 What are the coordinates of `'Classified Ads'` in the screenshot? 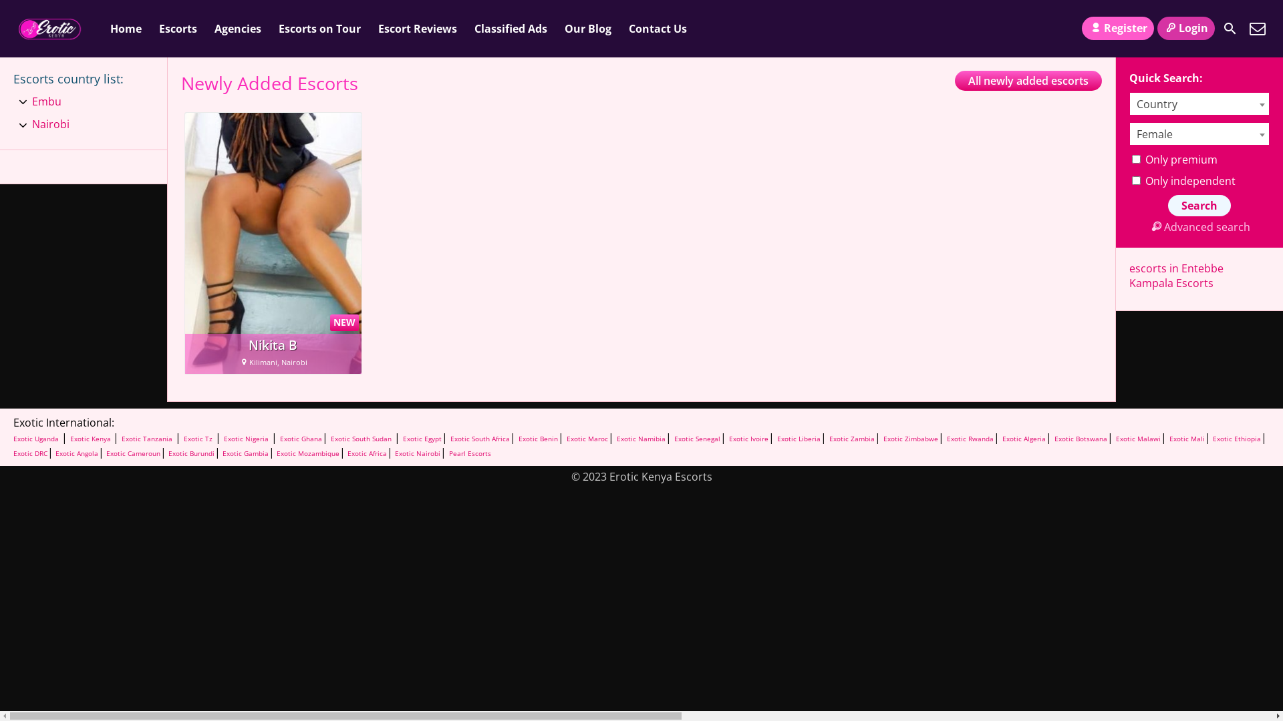 It's located at (465, 29).